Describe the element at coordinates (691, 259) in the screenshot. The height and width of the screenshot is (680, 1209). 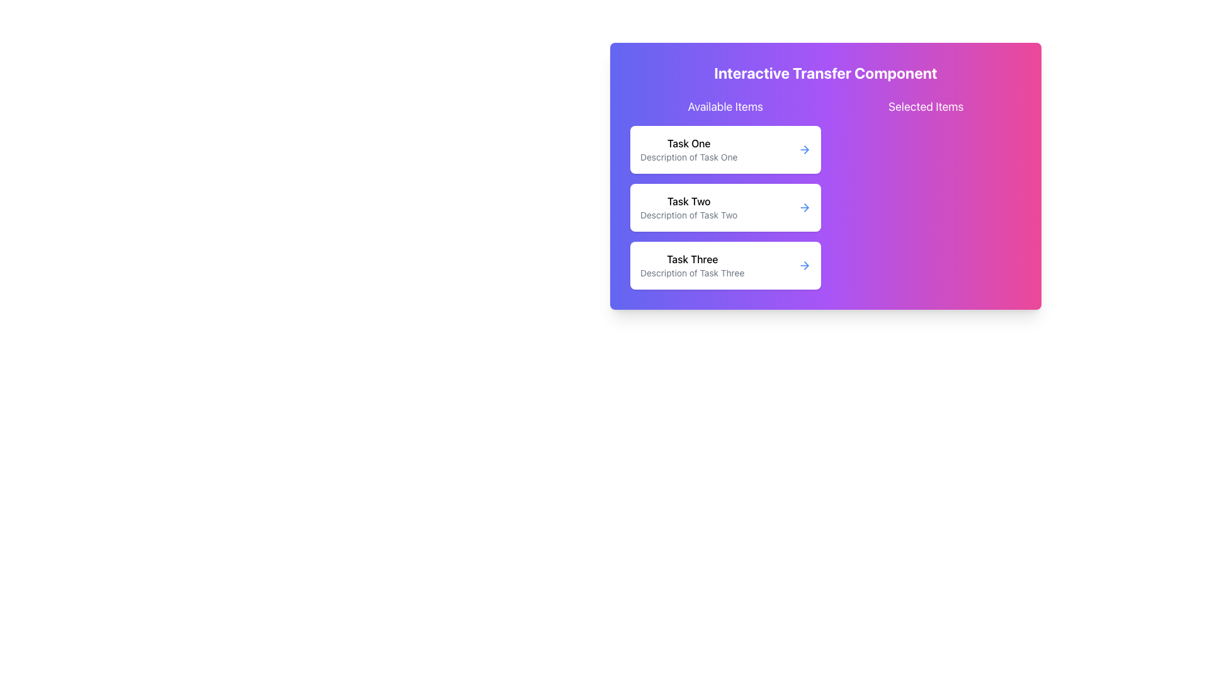
I see `the text label that serves as the title for the third task in the 'Available Items' section of the purple gradient card` at that location.